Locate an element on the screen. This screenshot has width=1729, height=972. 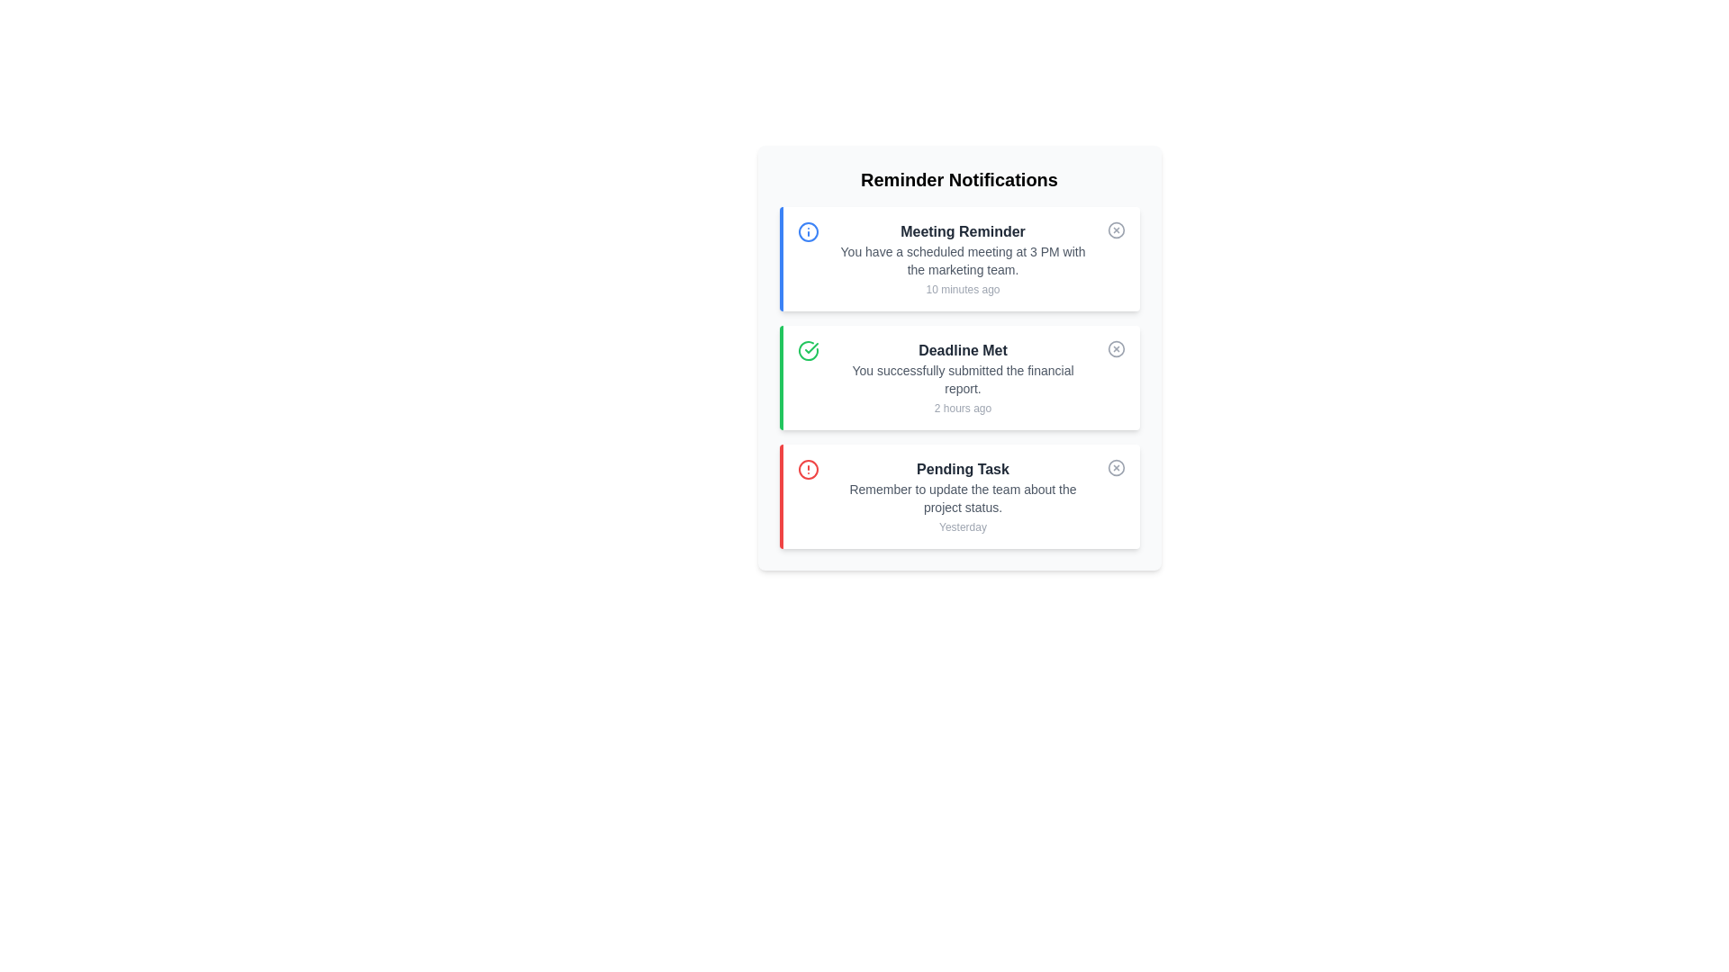
text content of the 'Deadline Met' label, which is a prominently displayed title in the second notification card is located at coordinates (962, 350).